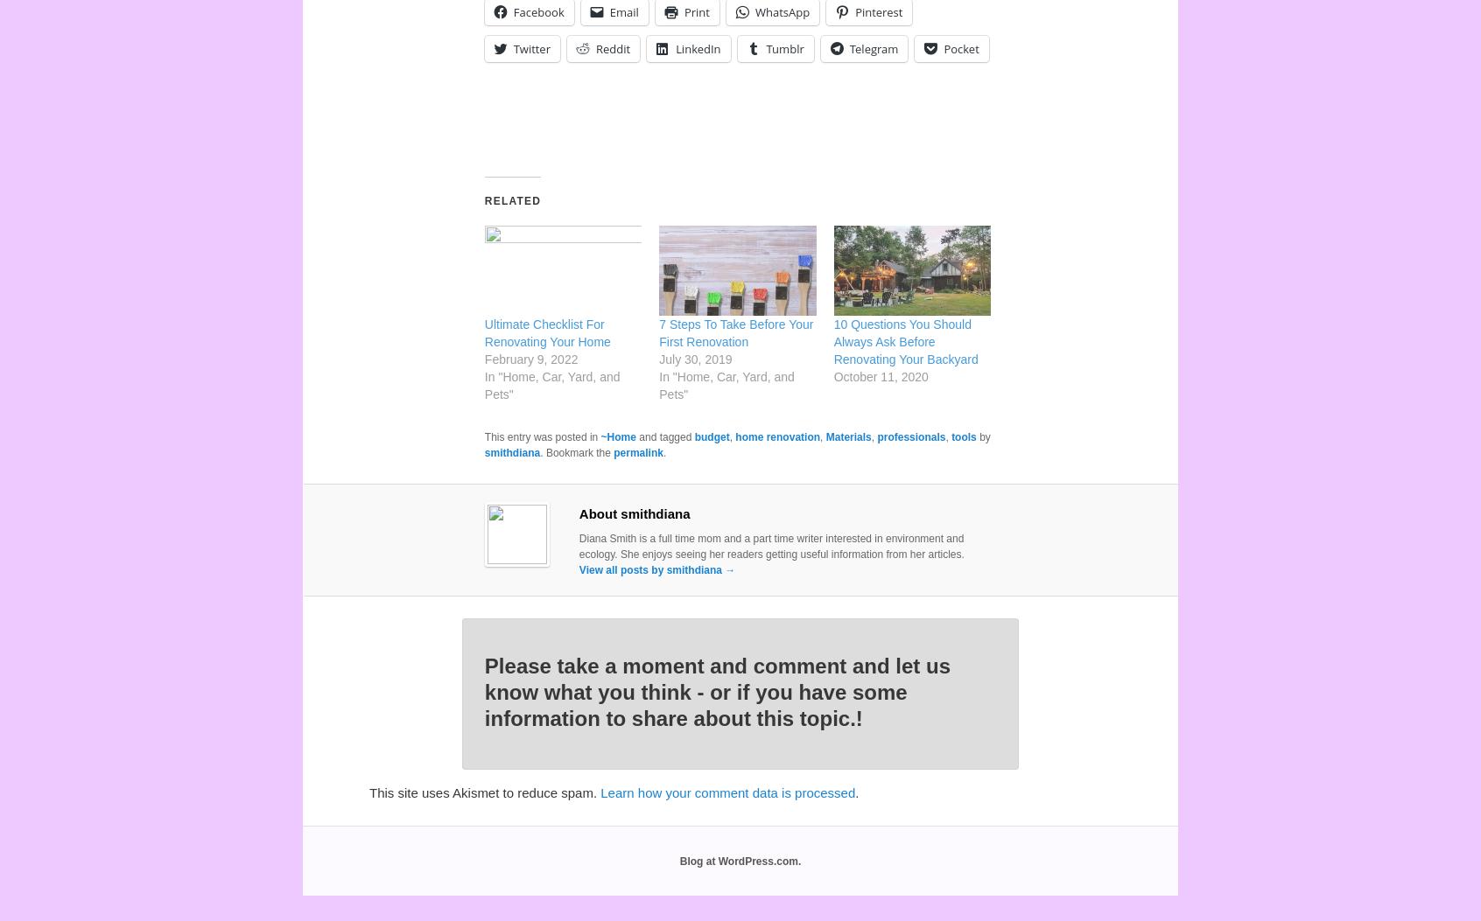  What do you see at coordinates (633, 513) in the screenshot?
I see `'About smithdiana'` at bounding box center [633, 513].